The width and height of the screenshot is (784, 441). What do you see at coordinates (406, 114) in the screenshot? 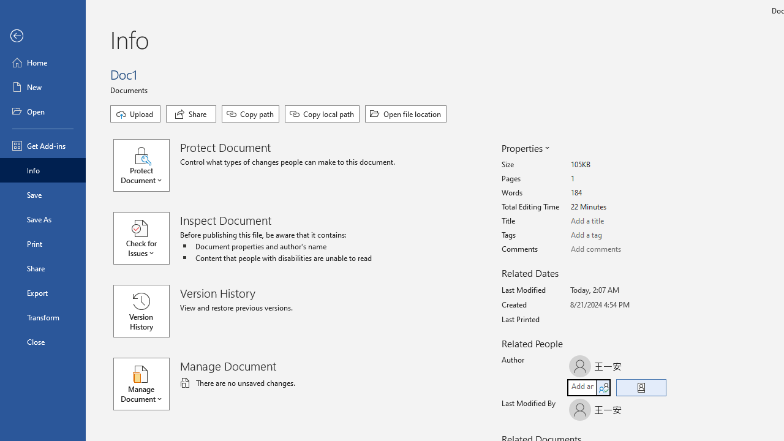
I see `'Open file location'` at bounding box center [406, 114].